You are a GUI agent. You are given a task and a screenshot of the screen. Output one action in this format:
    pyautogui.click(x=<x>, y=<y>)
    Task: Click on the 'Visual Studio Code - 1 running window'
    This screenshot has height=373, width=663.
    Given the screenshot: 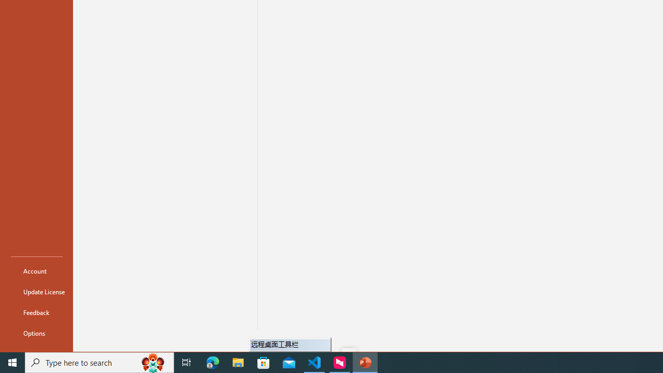 What is the action you would take?
    pyautogui.click(x=314, y=362)
    